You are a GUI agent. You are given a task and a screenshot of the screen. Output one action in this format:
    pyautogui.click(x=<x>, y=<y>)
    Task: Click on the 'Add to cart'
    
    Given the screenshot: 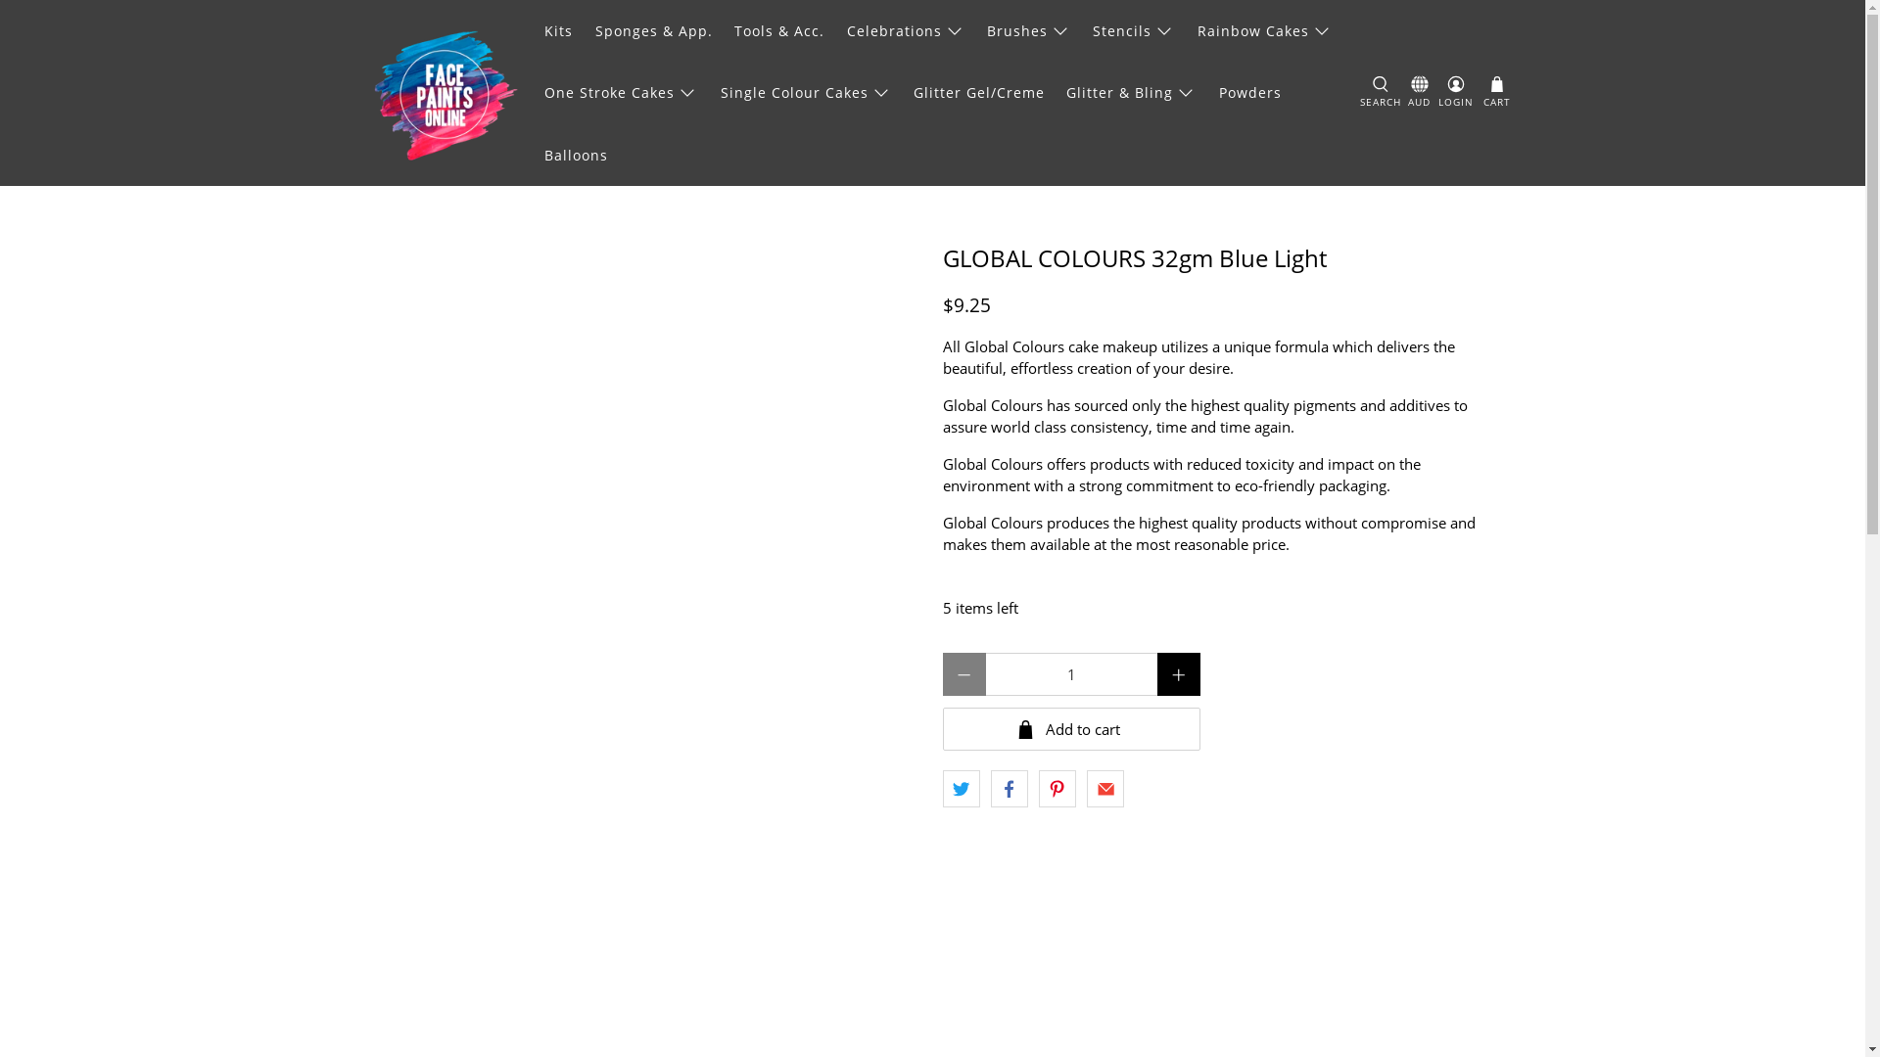 What is the action you would take?
    pyautogui.click(x=1069, y=728)
    